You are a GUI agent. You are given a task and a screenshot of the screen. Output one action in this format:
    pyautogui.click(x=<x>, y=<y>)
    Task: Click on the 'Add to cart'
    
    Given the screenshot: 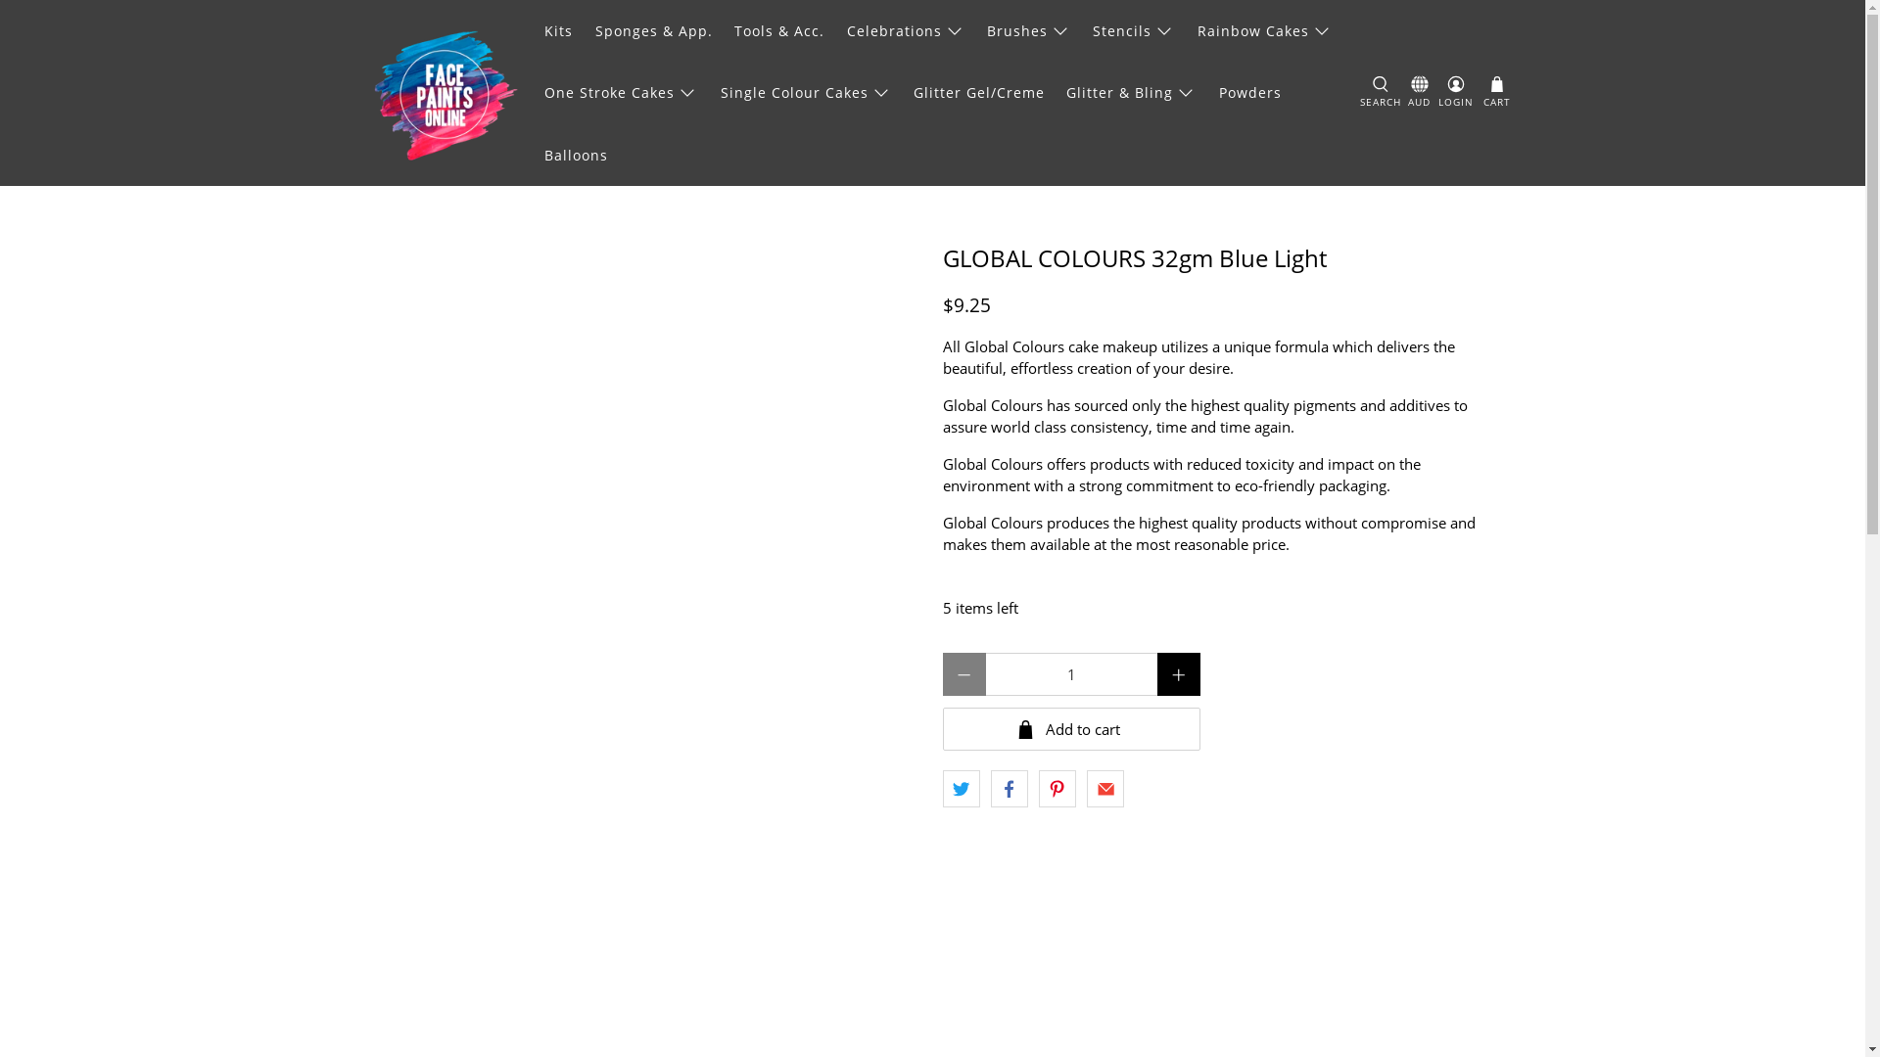 What is the action you would take?
    pyautogui.click(x=1069, y=728)
    